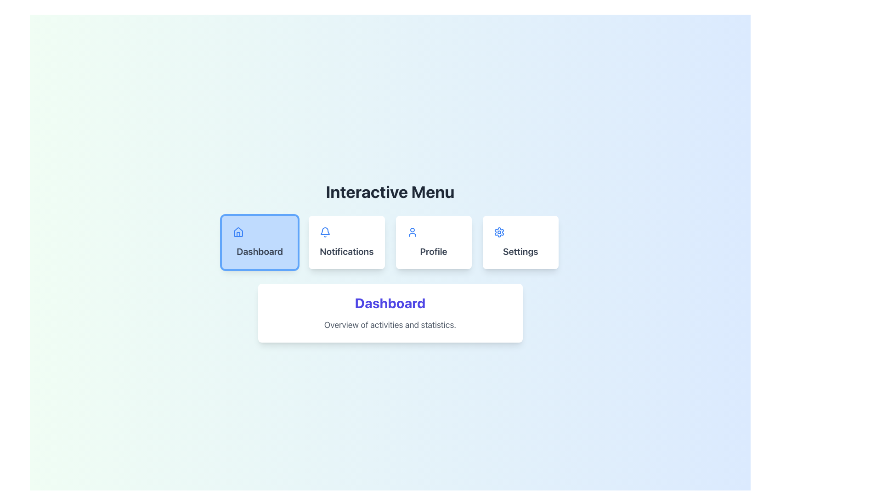 Image resolution: width=882 pixels, height=496 pixels. What do you see at coordinates (498, 231) in the screenshot?
I see `the settings icon located within the 'Settings' menu card, positioned at the far-right of the horizontal row of cards` at bounding box center [498, 231].